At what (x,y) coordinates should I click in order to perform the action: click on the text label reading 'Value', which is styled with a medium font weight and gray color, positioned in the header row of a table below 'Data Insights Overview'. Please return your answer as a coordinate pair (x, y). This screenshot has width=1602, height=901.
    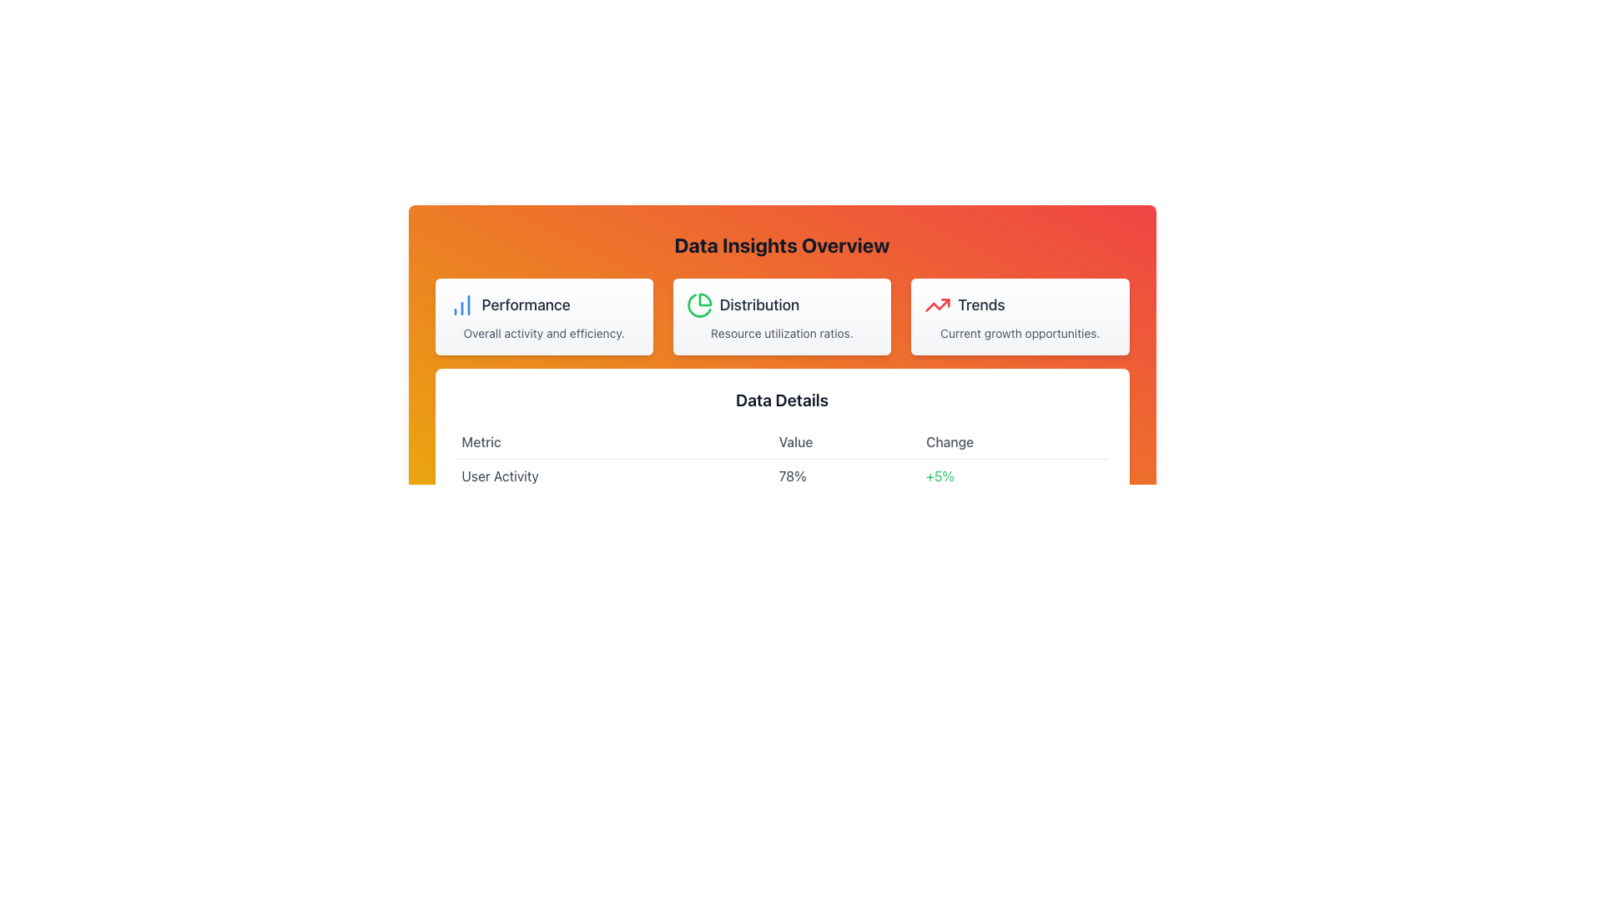
    Looking at the image, I should click on (781, 441).